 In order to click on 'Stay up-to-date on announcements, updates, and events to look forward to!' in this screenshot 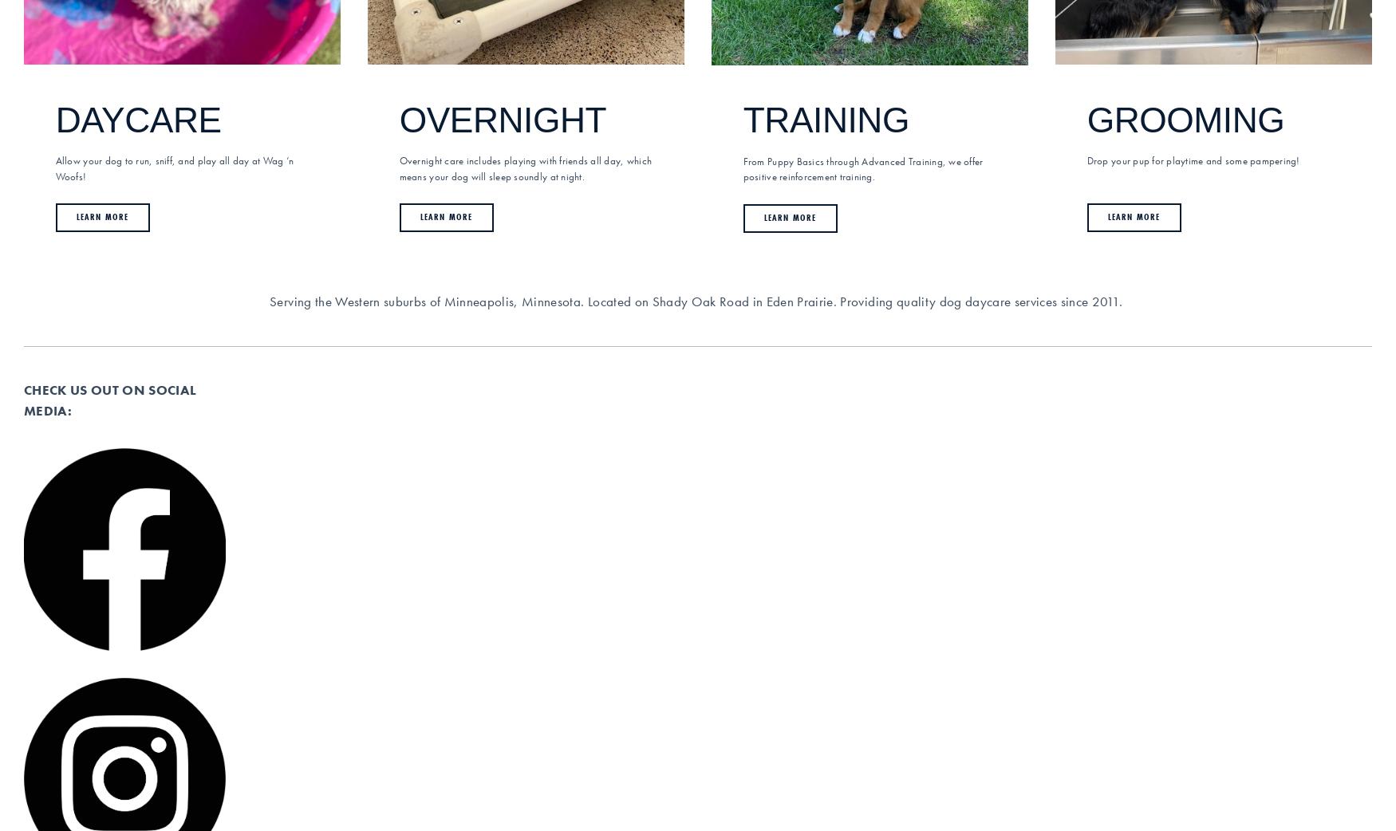, I will do `click(117, 599)`.